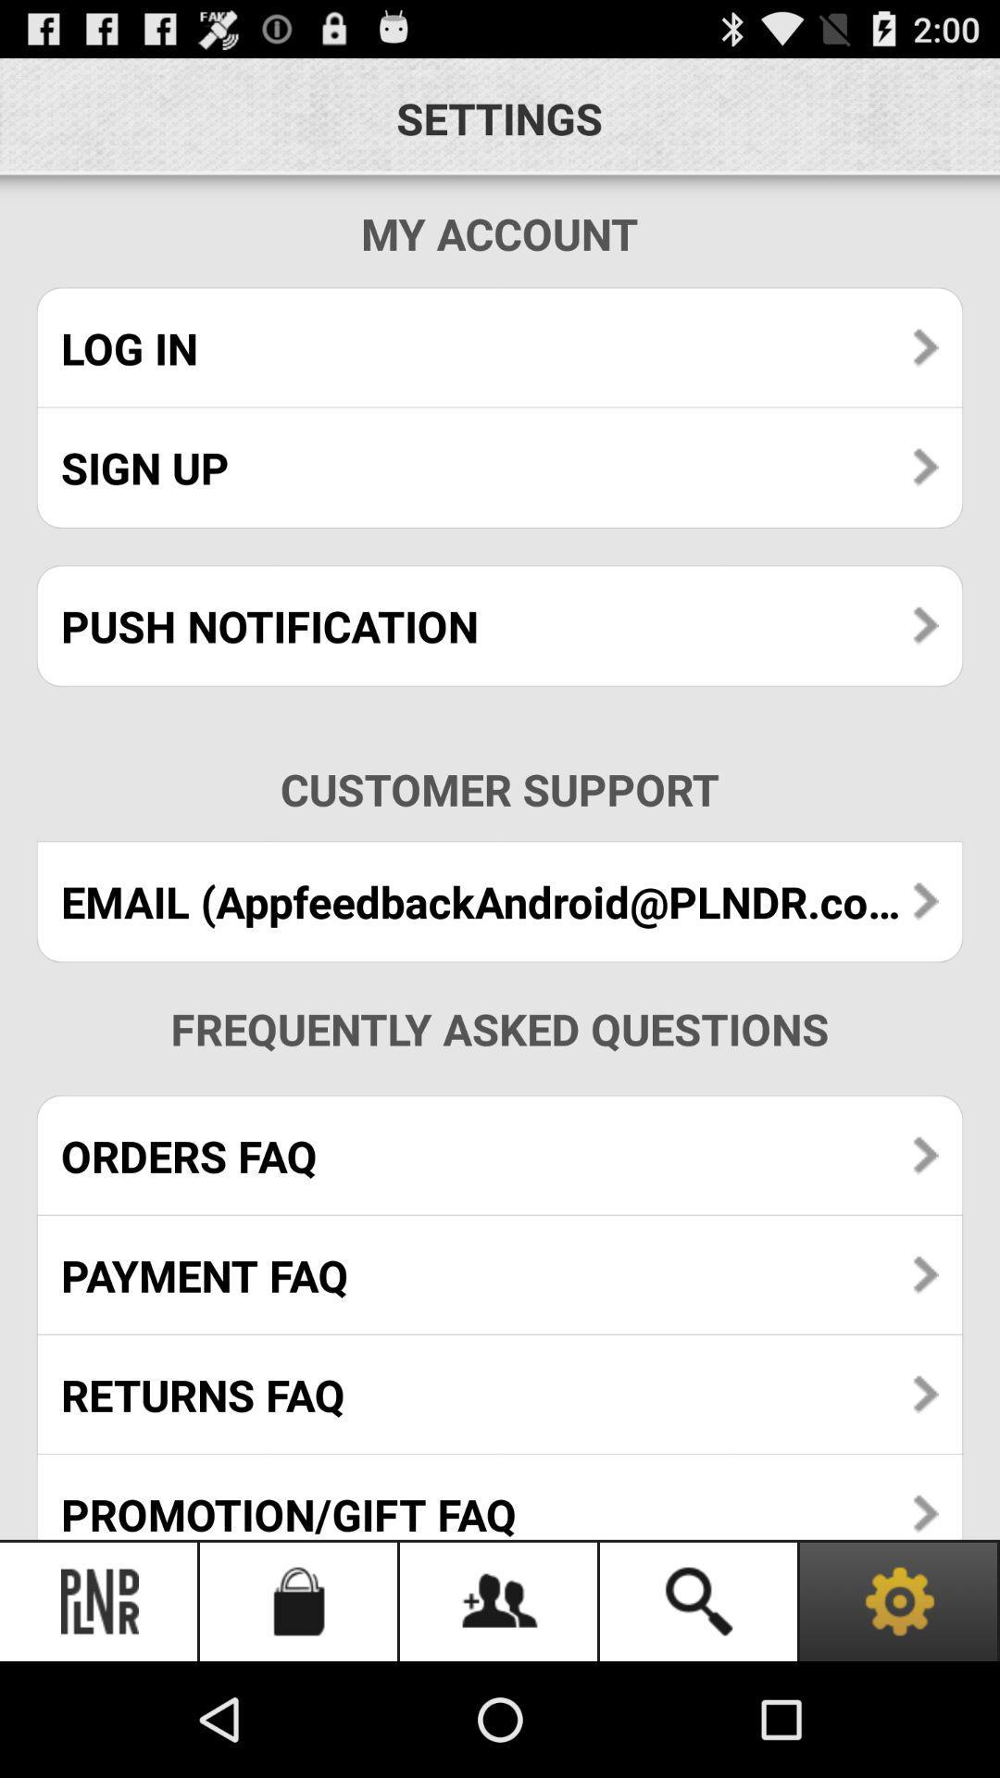 The height and width of the screenshot is (1778, 1000). I want to click on push notification item, so click(500, 626).